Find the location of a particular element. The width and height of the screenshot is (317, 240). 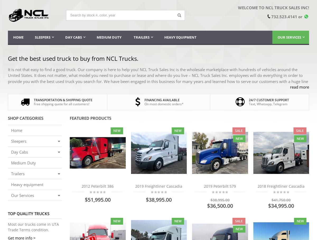

'SHOP CATEGORIES' is located at coordinates (8, 118).